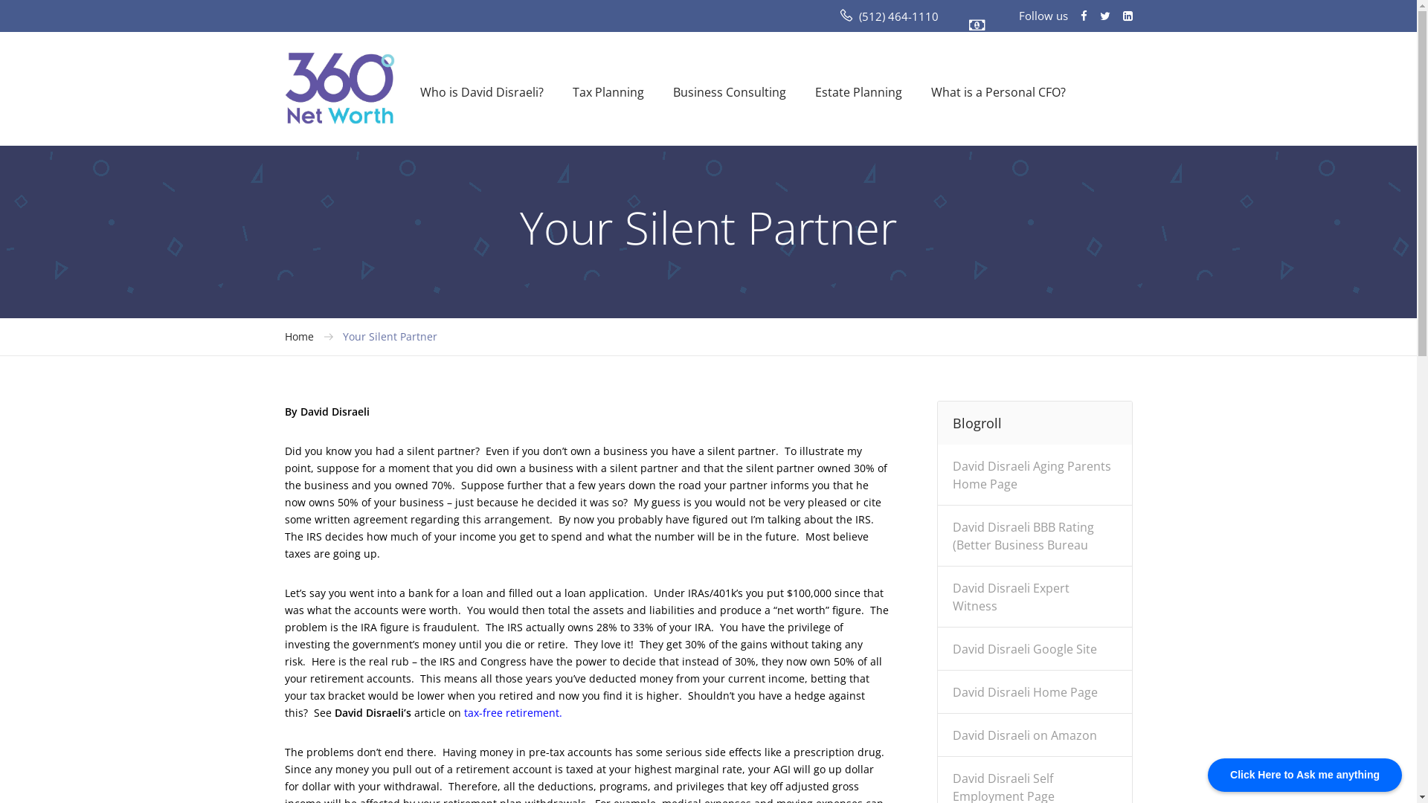 The image size is (1428, 803). I want to click on 'David Disraeli Home Page', so click(1024, 697).